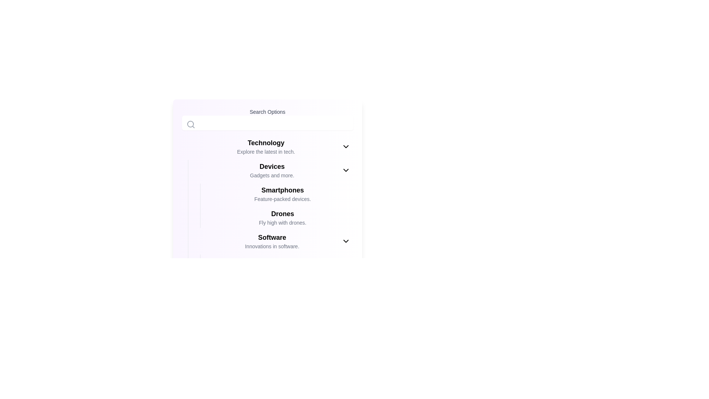  Describe the element at coordinates (266, 147) in the screenshot. I see `the 'Technology' menu item with the heading in bold and a description in smaller gray text` at that location.